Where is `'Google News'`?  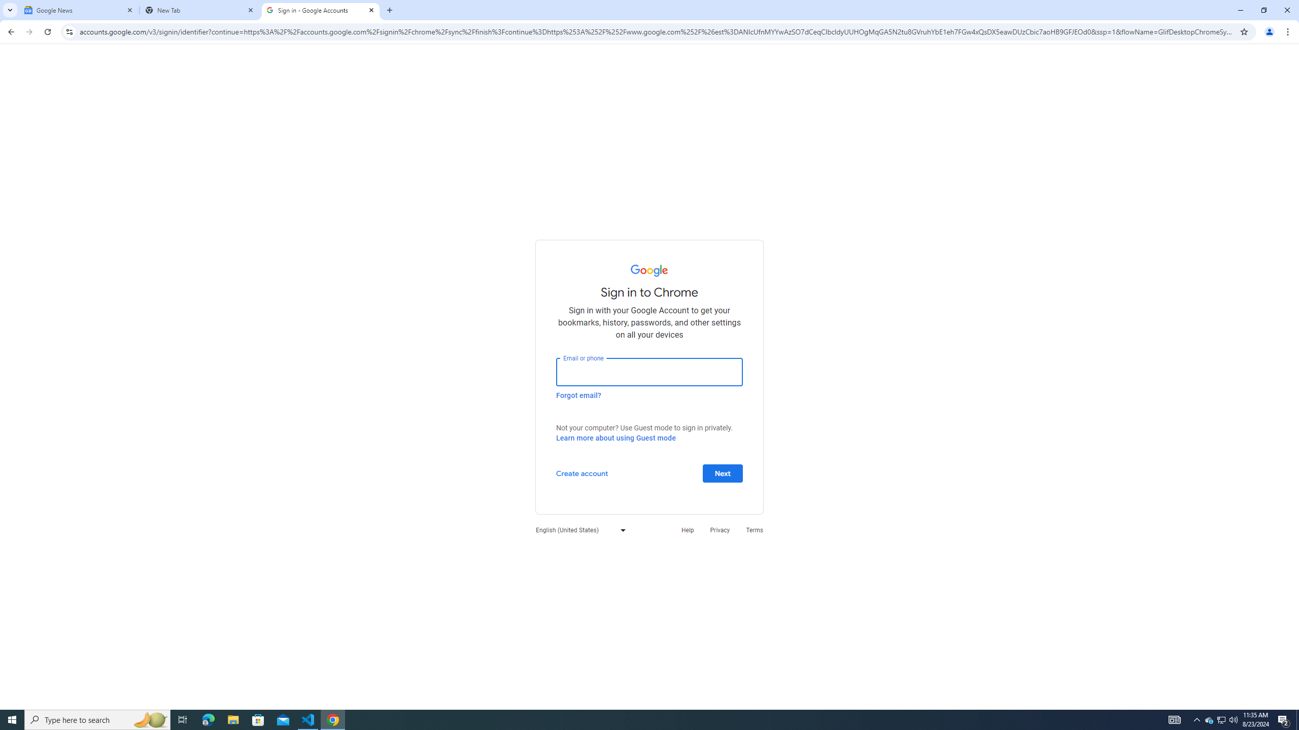 'Google News' is located at coordinates (79, 10).